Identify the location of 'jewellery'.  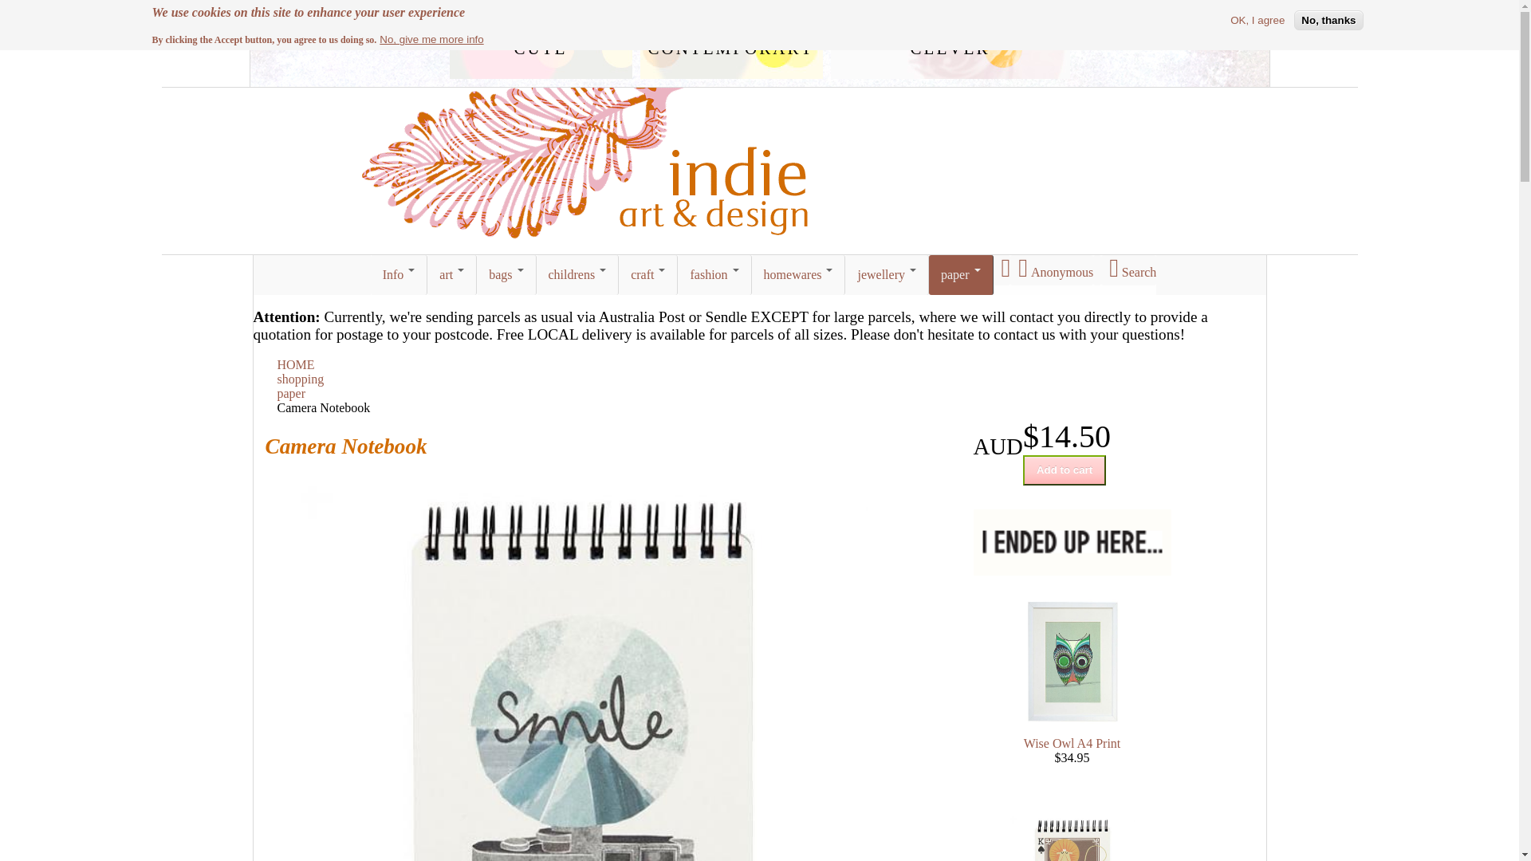
(886, 273).